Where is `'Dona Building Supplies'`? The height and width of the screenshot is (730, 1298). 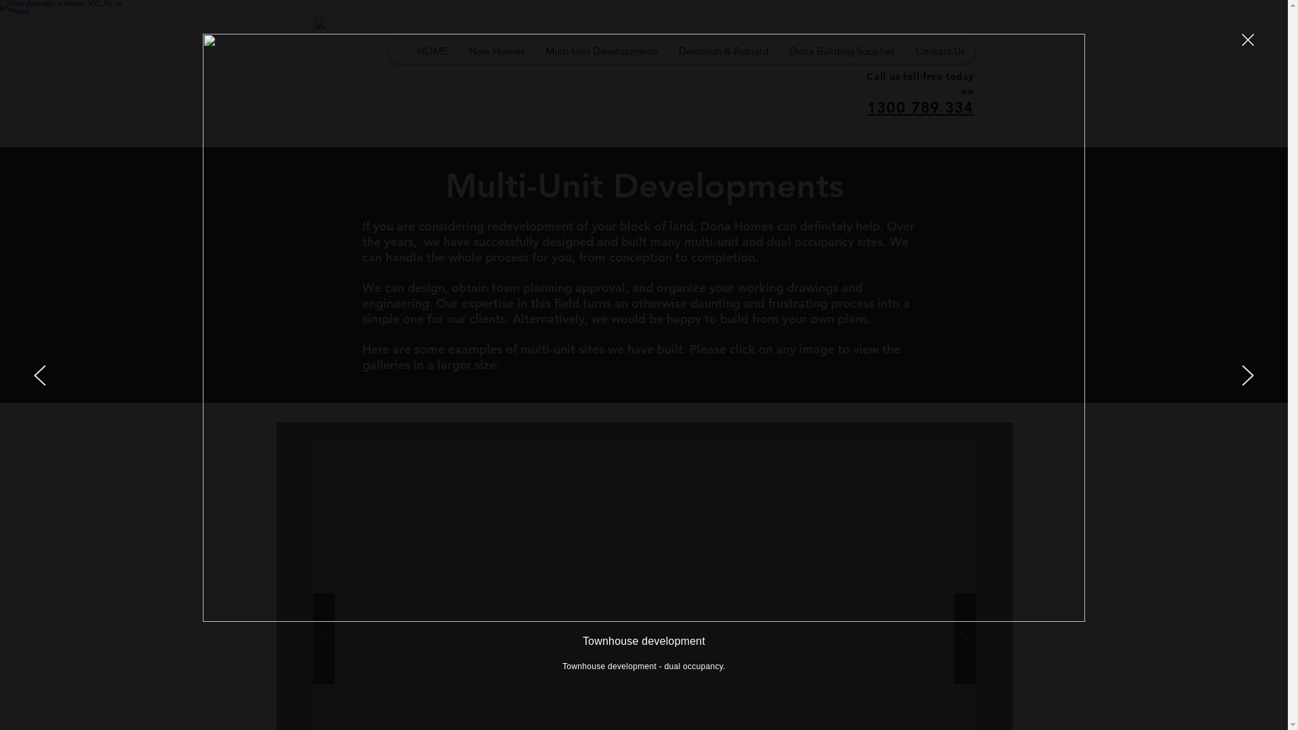
'Dona Building Supplies' is located at coordinates (840, 51).